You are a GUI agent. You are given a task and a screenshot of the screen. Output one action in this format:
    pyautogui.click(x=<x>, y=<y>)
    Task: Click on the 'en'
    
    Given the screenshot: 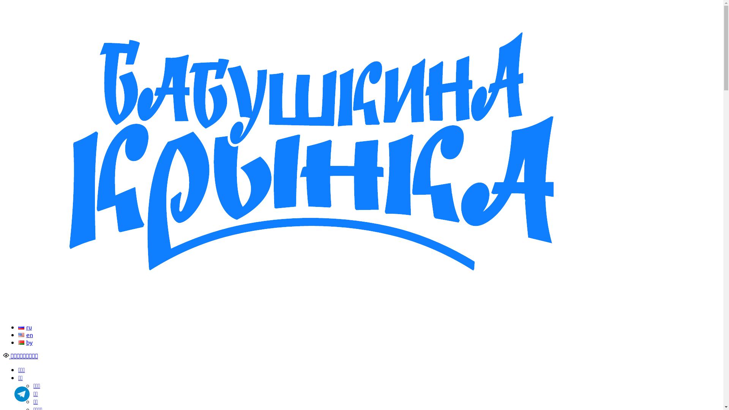 What is the action you would take?
    pyautogui.click(x=25, y=334)
    